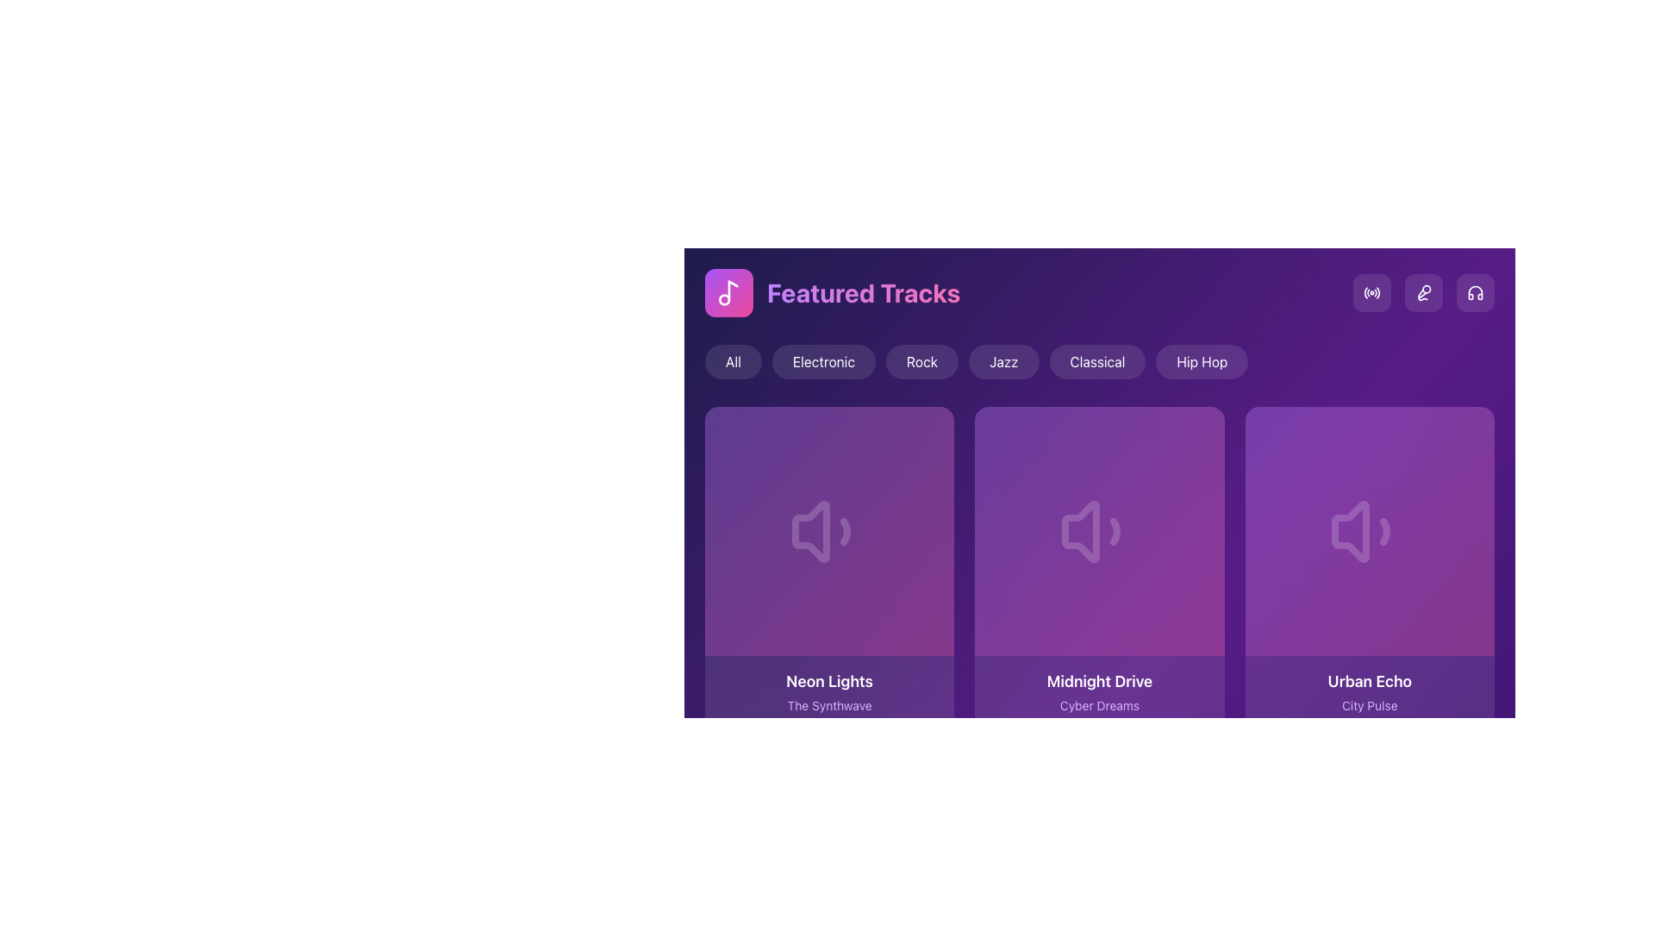 This screenshot has height=931, width=1655. I want to click on the category filter button located below the 'Featured Tracks' heading and to the left of the 'Electronic' button for accessibility navigation, so click(733, 361).